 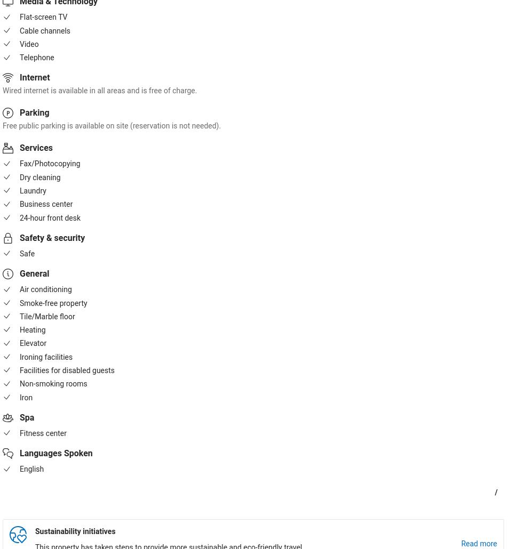 I want to click on 'Languages Spoken', so click(x=55, y=452).